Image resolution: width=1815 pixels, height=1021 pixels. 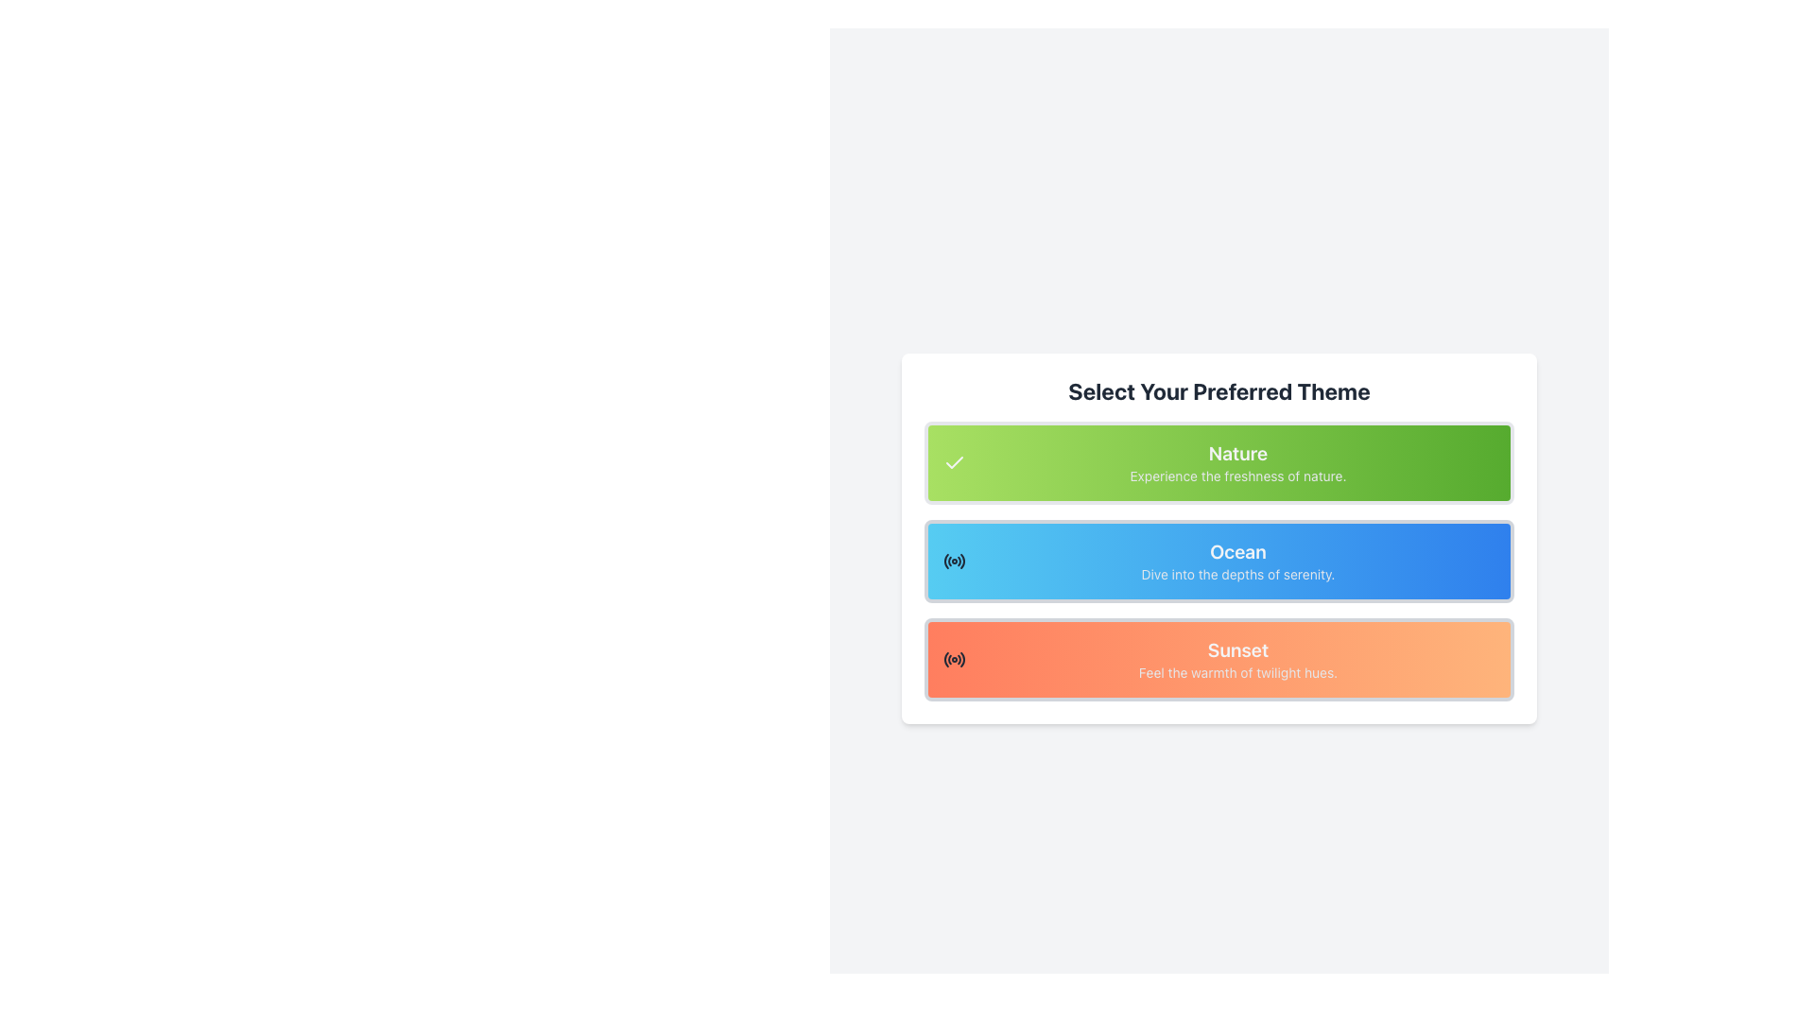 I want to click on the 'Ocean' Text Label element, which is styled with a bold font and white color, located under the 'Select Your Preferred Theme' header, so click(x=1238, y=551).